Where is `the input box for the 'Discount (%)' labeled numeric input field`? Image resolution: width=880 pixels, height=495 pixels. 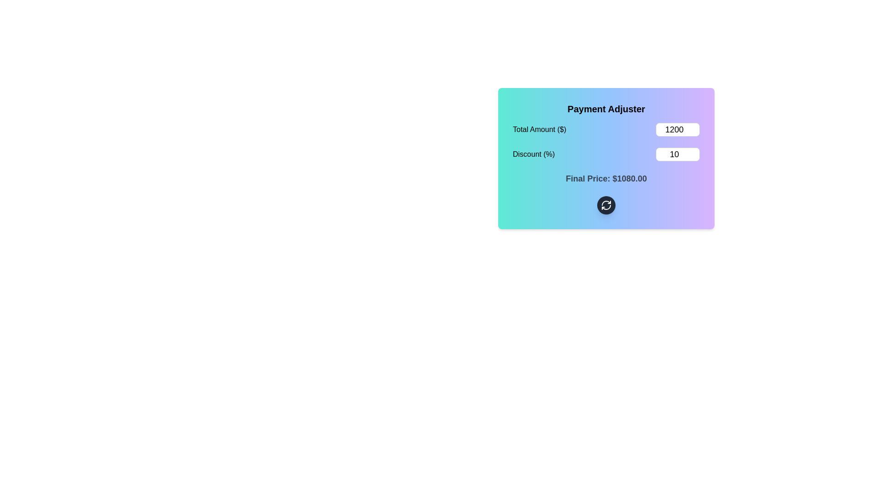
the input box for the 'Discount (%)' labeled numeric input field is located at coordinates (606, 154).